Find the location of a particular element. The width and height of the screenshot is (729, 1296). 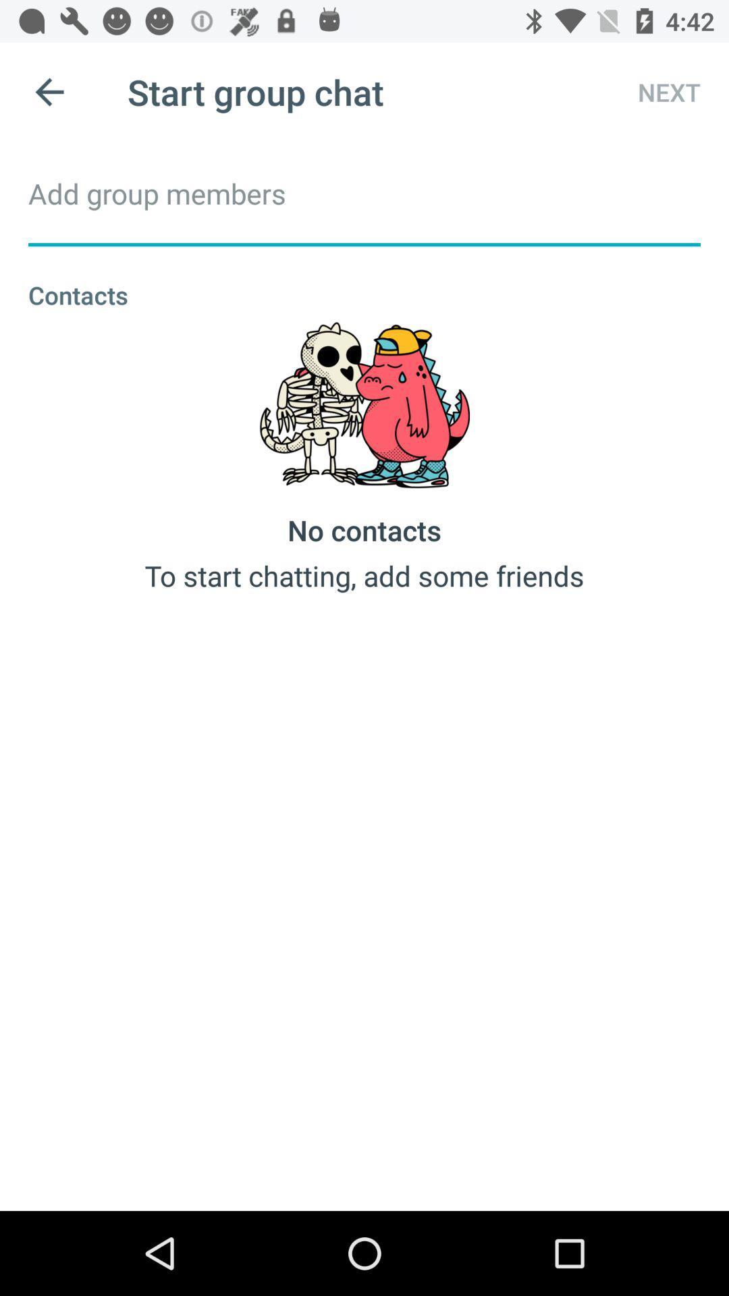

icon to the left of start group chat is located at coordinates (49, 91).